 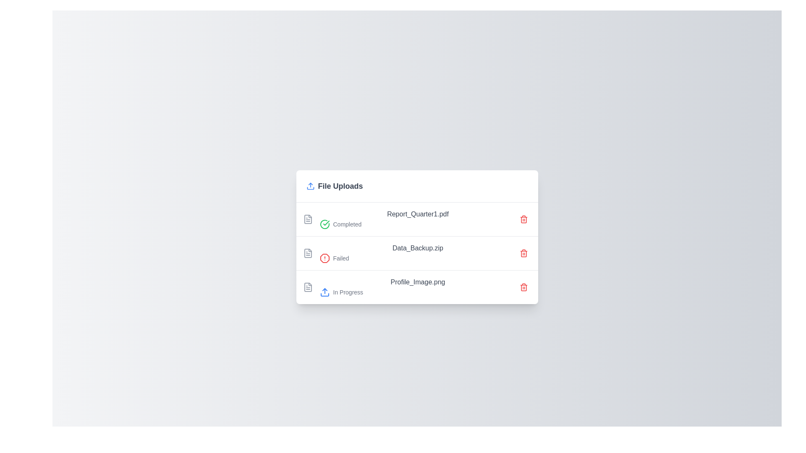 What do you see at coordinates (418, 247) in the screenshot?
I see `the label displaying the file name 'Data_Backup.zip', which is a bold, dark gray text element located centrally in the list interface` at bounding box center [418, 247].